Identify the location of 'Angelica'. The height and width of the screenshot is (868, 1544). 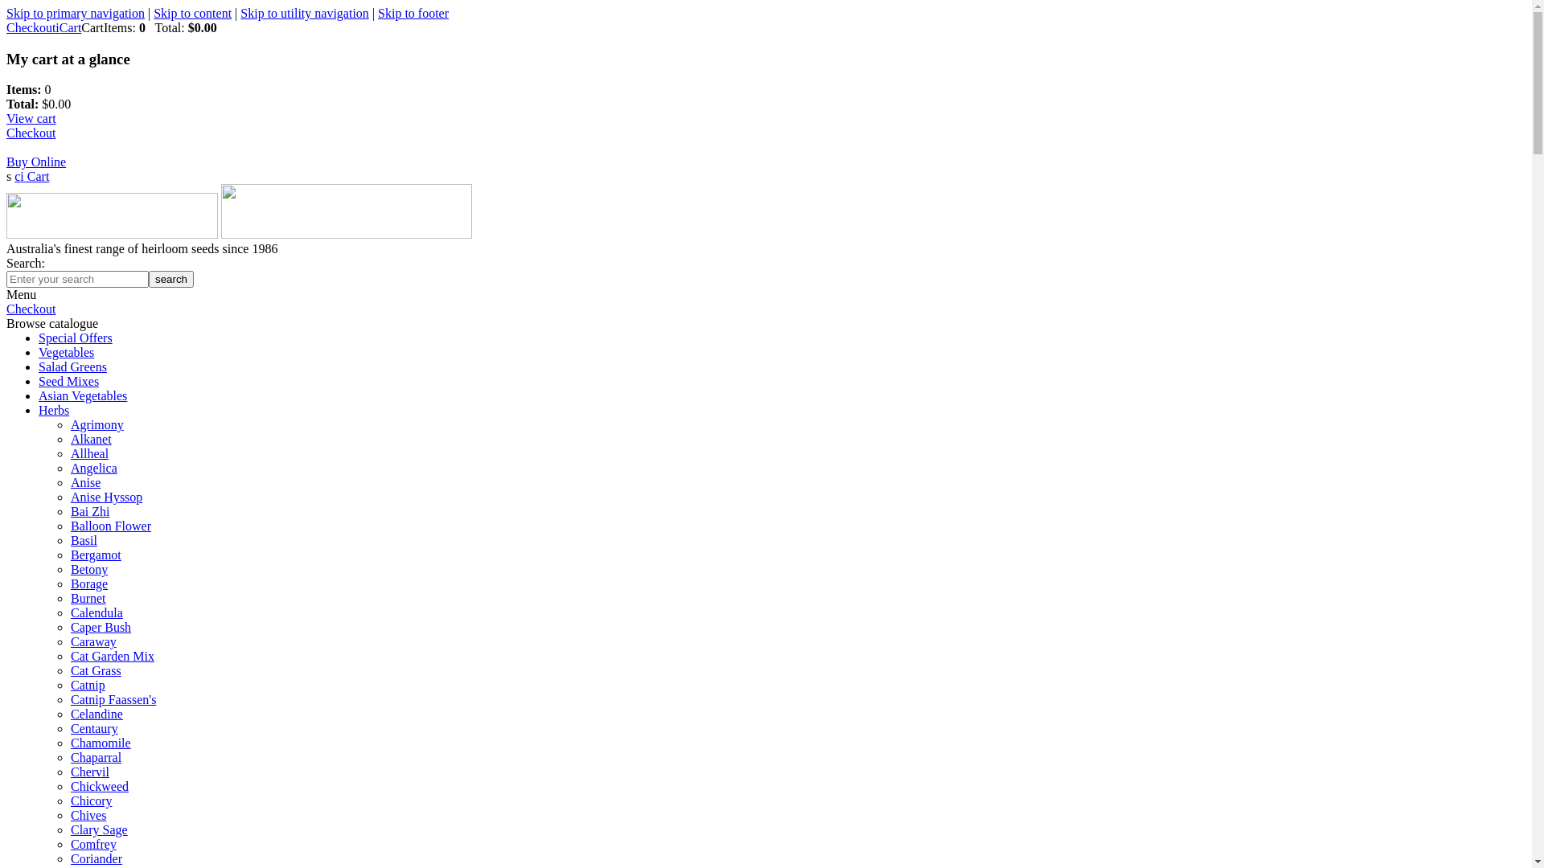
(92, 468).